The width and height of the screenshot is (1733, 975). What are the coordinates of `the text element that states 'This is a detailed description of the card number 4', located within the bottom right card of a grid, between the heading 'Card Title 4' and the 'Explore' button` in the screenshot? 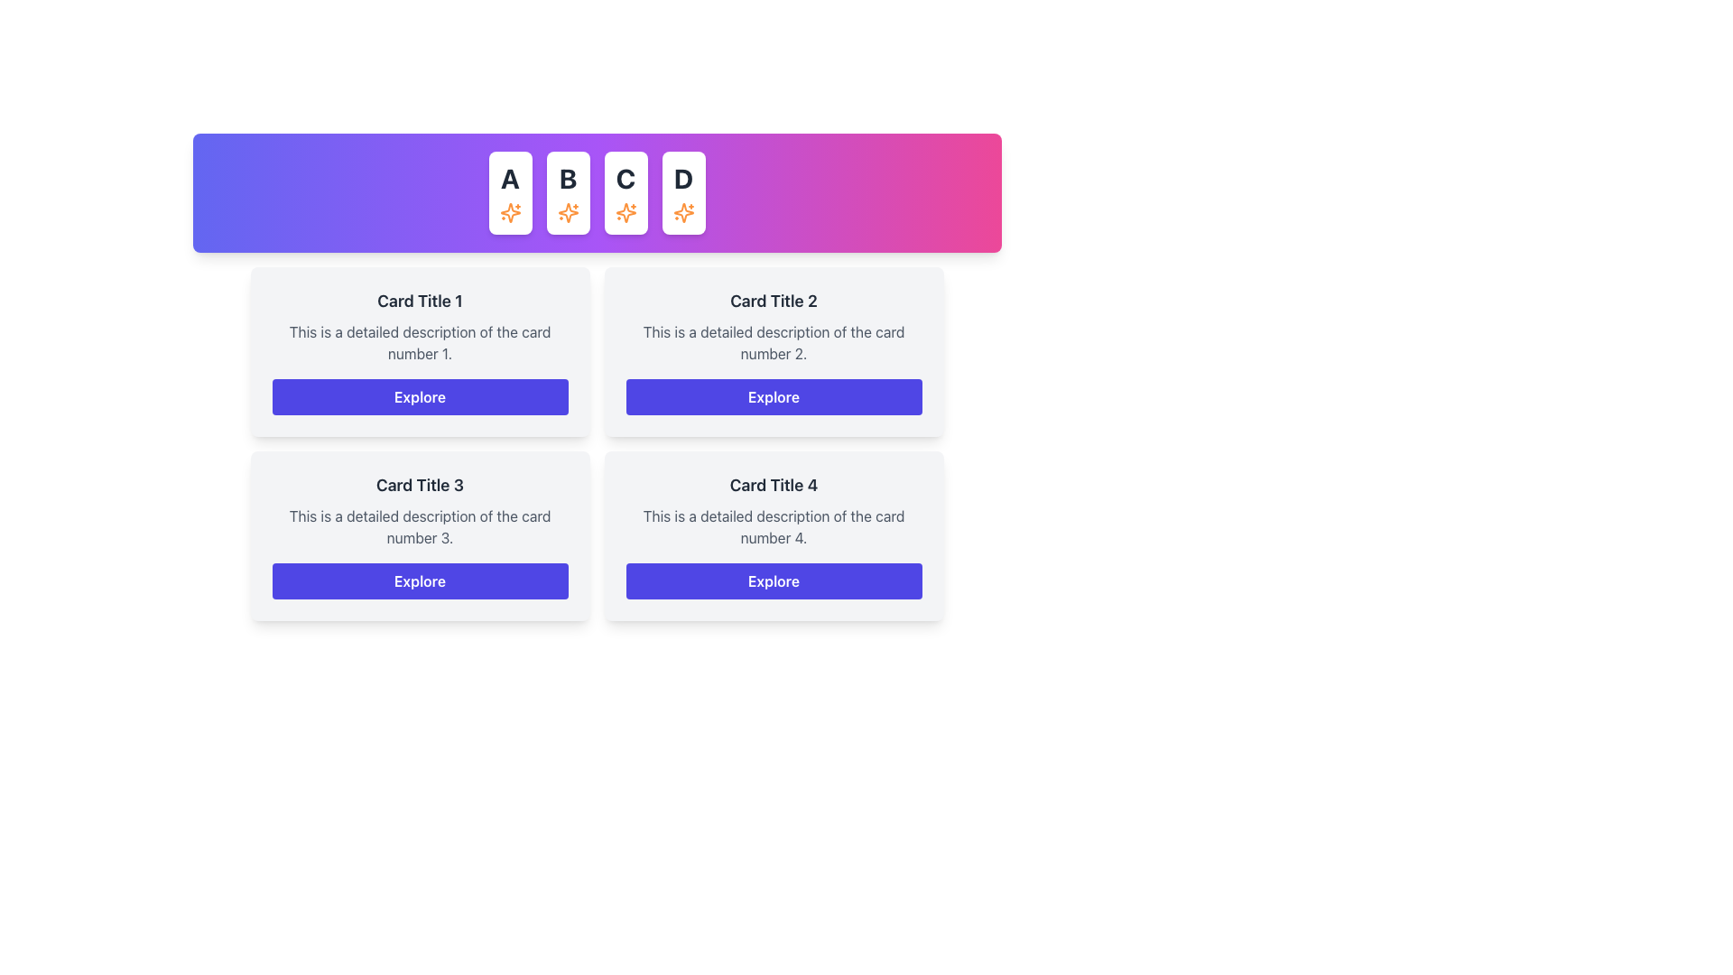 It's located at (774, 526).